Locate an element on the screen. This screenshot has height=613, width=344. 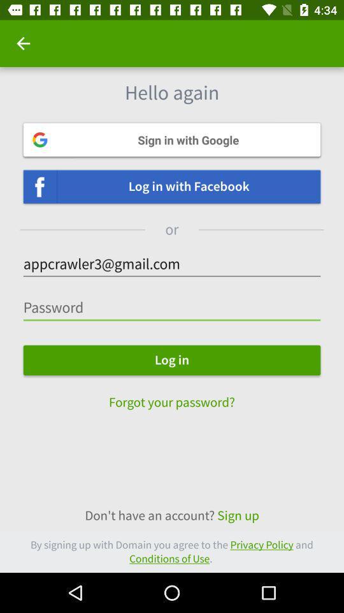
the don t have icon is located at coordinates (172, 515).